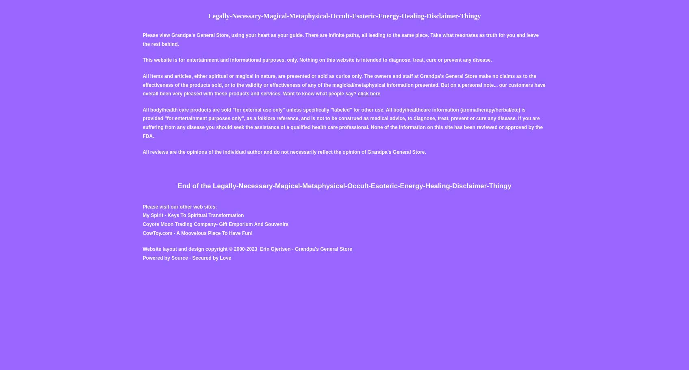 The width and height of the screenshot is (689, 370). Describe the element at coordinates (143, 152) in the screenshot. I see `'All reviews are the opinions of the individual author and do not necessarily reflect the opinion of Grandpa's General Store.'` at that location.